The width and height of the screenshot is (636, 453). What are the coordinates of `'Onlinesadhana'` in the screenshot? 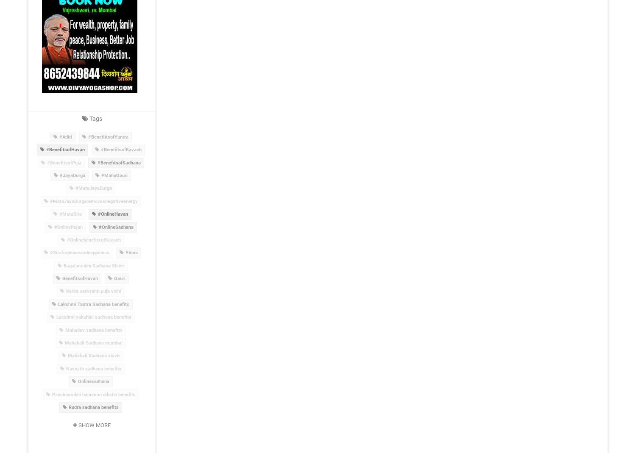 It's located at (93, 381).